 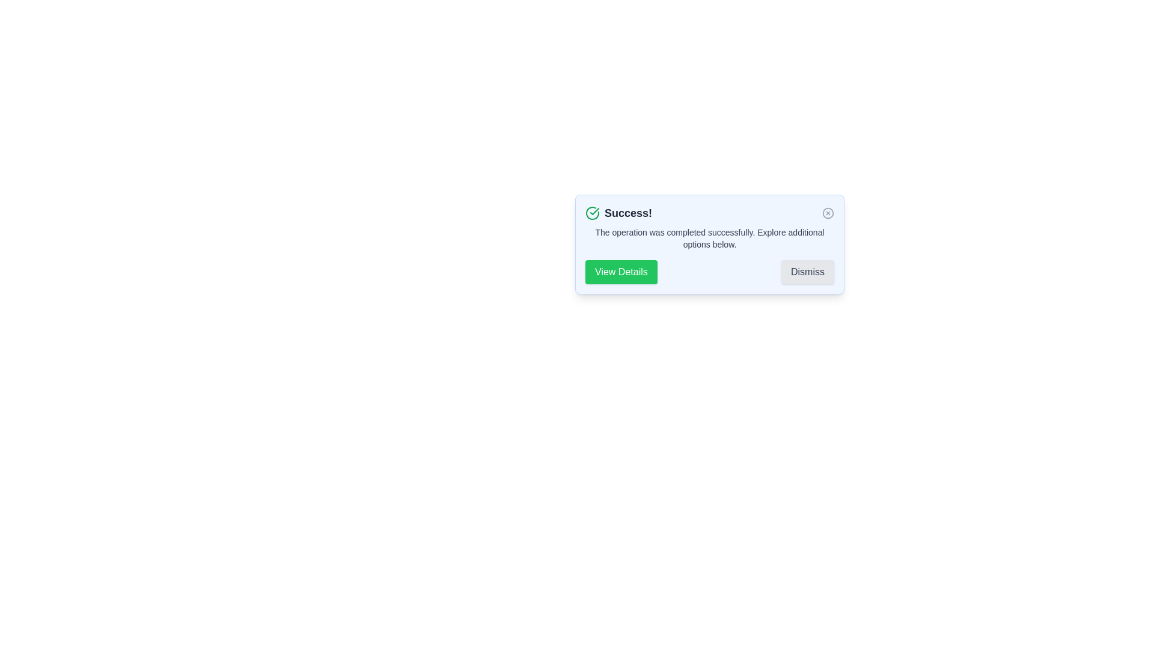 What do you see at coordinates (621, 272) in the screenshot?
I see `the 'View Details' button to view additional details` at bounding box center [621, 272].